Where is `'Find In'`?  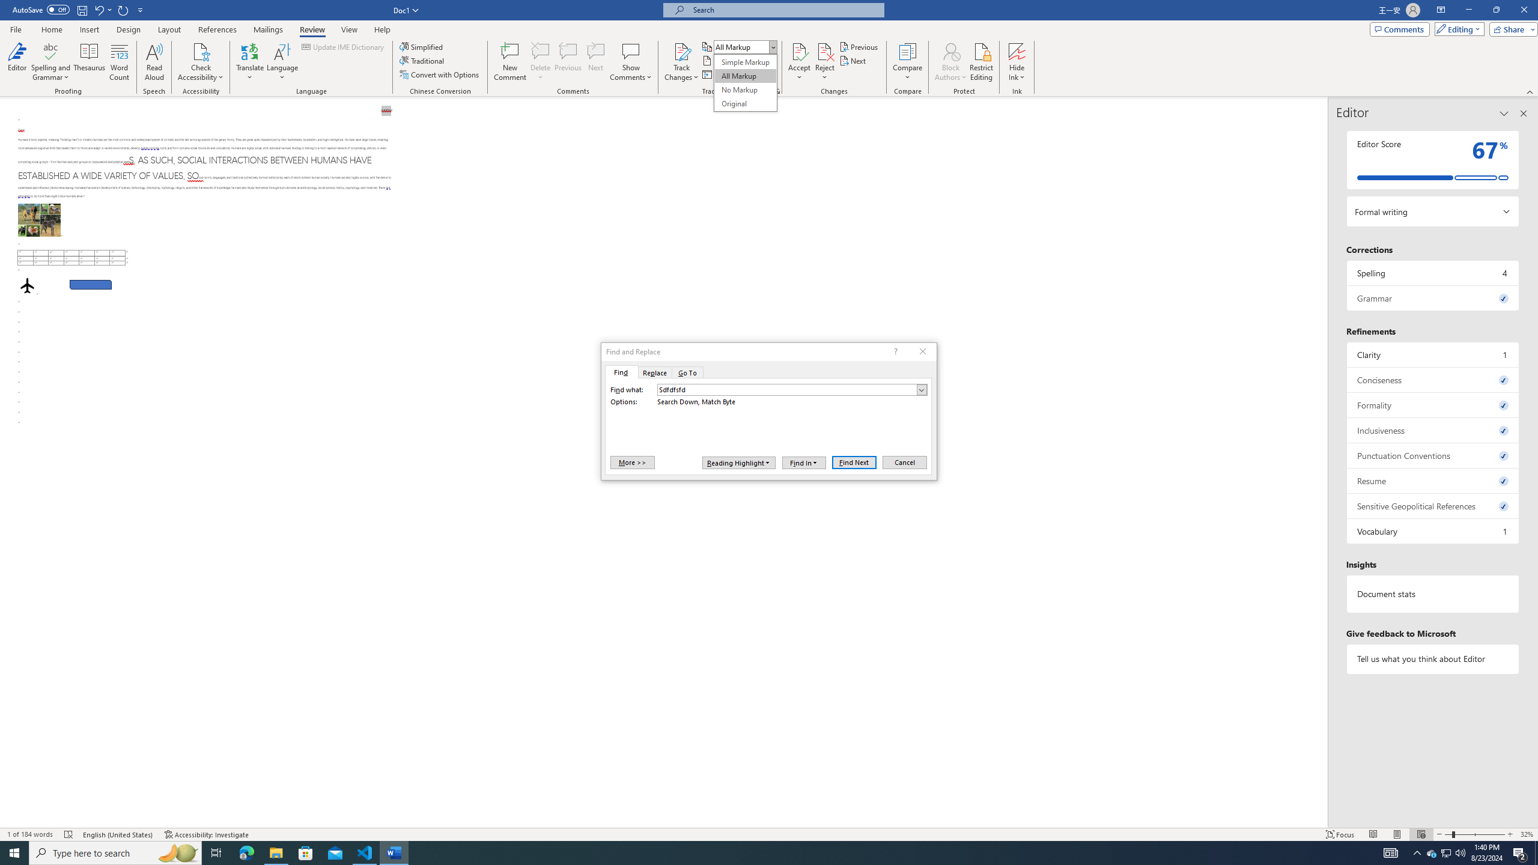 'Find In' is located at coordinates (803, 462).